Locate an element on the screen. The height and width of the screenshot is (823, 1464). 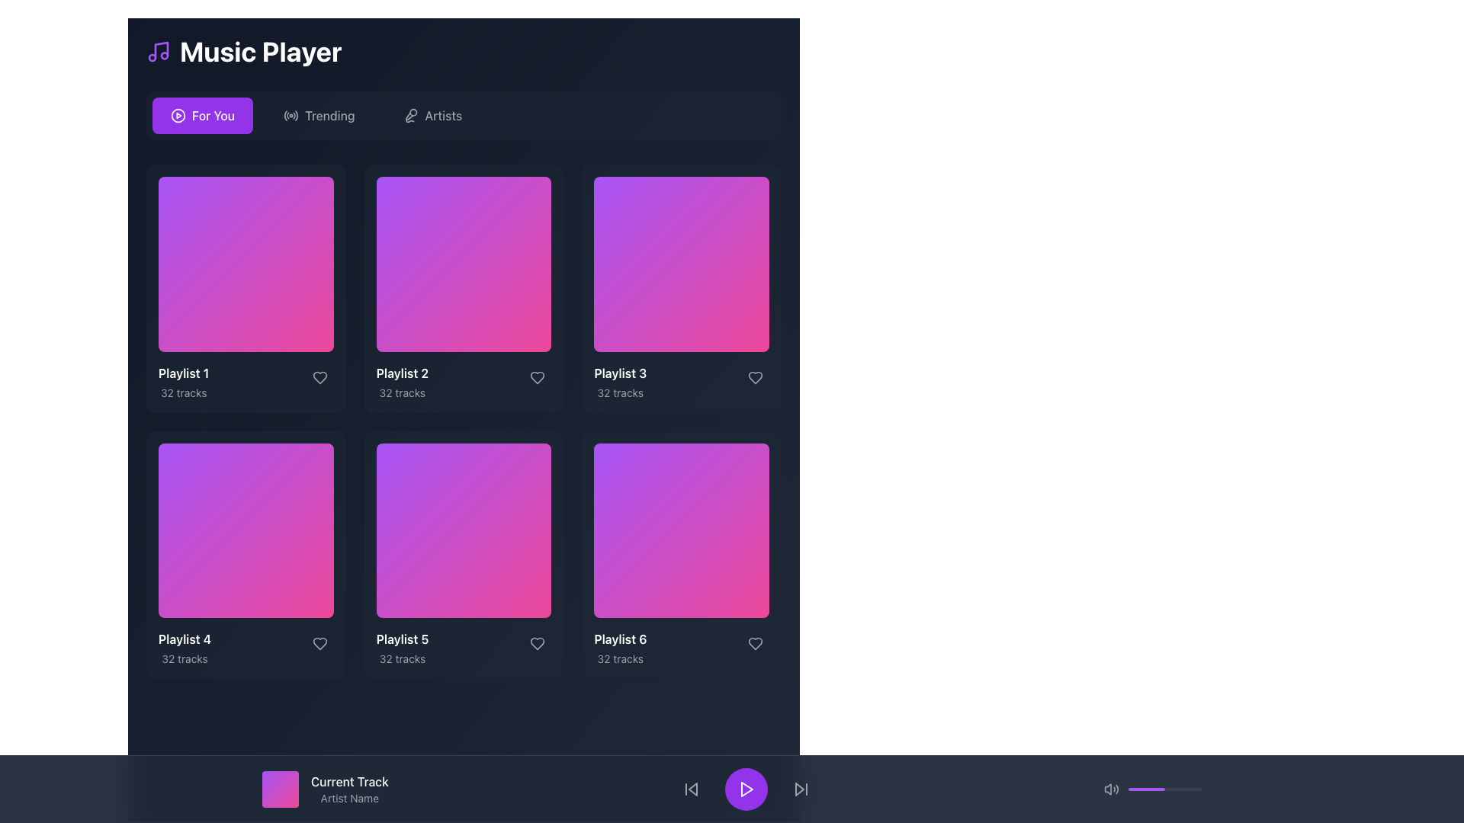
the static text label displaying '32 tracks' located below the 'Playlist 1' title in the first playlist card of the 'For You' section is located at coordinates (183, 392).